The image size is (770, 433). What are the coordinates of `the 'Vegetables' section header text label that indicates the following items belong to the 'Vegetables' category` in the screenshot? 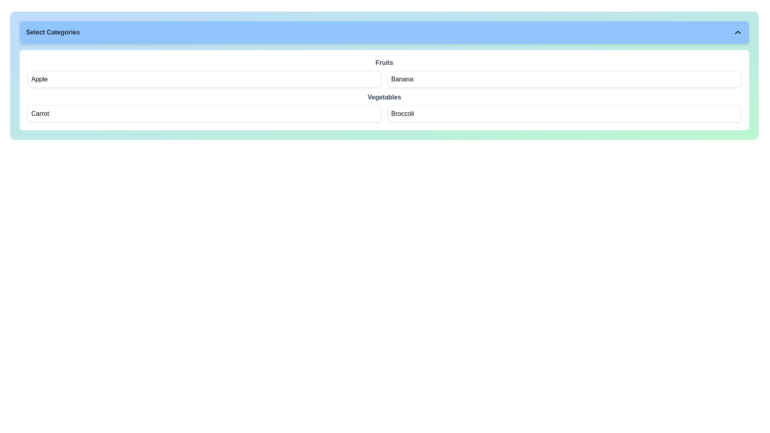 It's located at (384, 97).